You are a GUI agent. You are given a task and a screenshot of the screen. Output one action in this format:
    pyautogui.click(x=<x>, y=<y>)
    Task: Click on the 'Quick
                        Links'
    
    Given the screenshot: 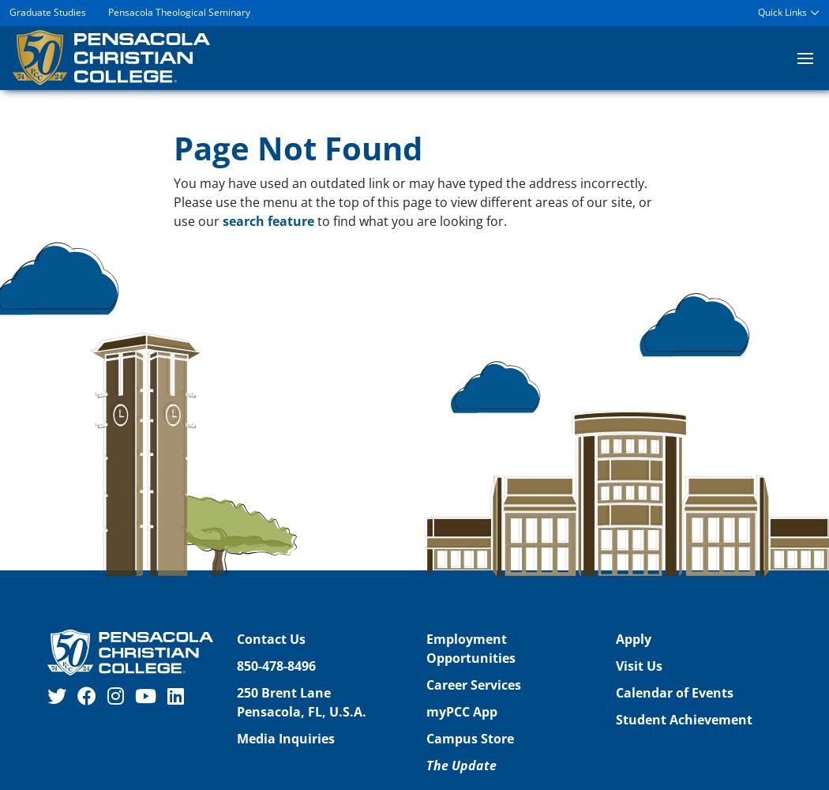 What is the action you would take?
    pyautogui.click(x=782, y=12)
    